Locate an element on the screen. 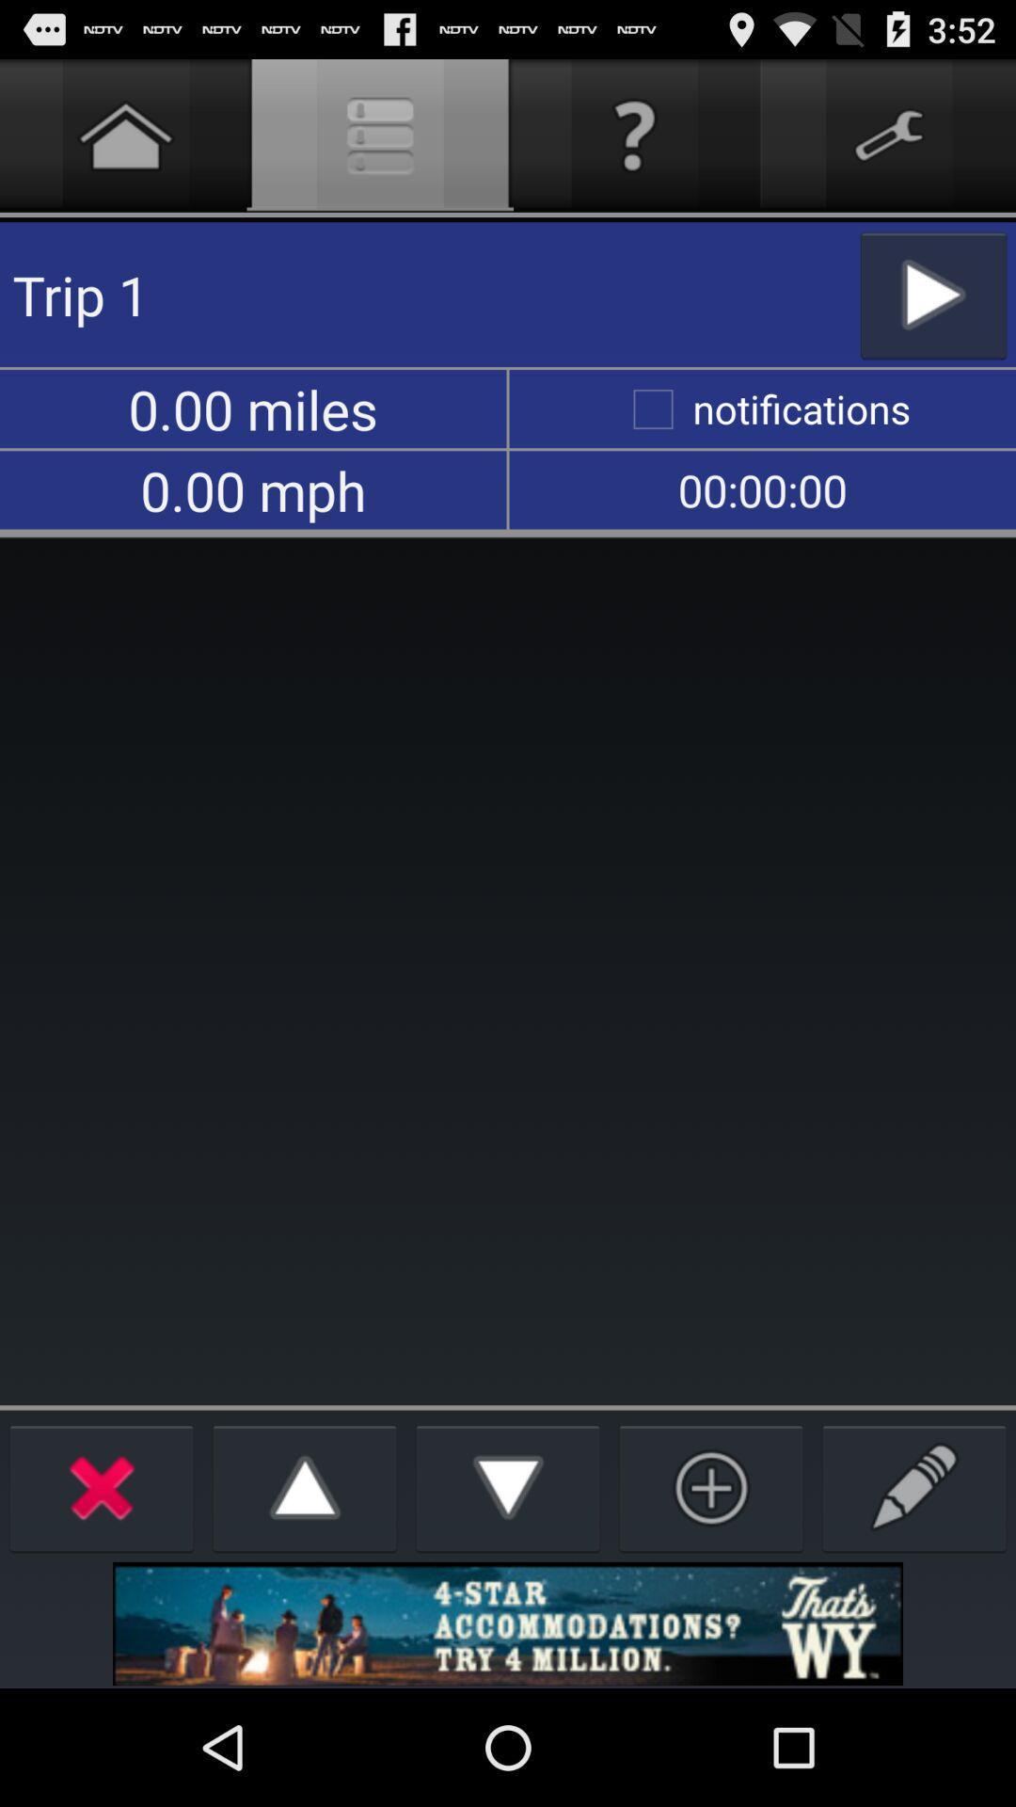 Image resolution: width=1016 pixels, height=1807 pixels. the close icon is located at coordinates (102, 1591).